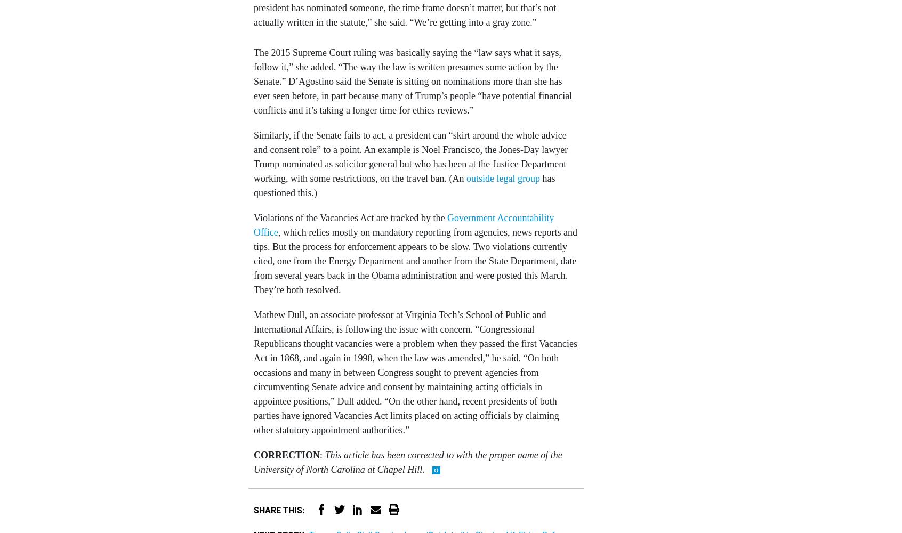 The height and width of the screenshot is (533, 902). I want to click on 'CORRECTION', so click(287, 454).